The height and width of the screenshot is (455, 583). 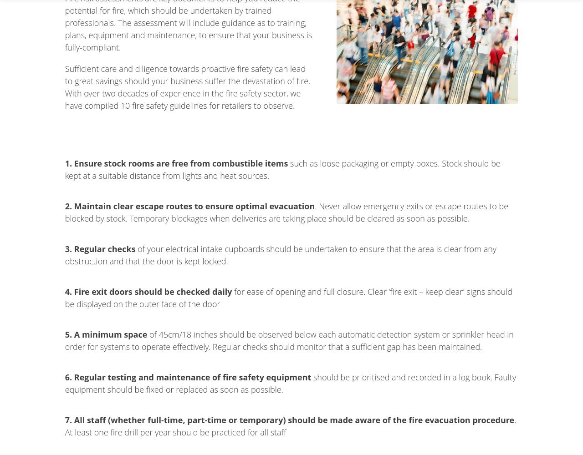 I want to click on '5. A minimum space', so click(x=64, y=334).